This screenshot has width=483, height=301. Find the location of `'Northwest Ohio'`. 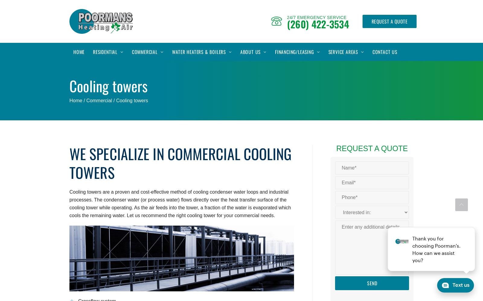

'Northwest Ohio' is located at coordinates (344, 88).